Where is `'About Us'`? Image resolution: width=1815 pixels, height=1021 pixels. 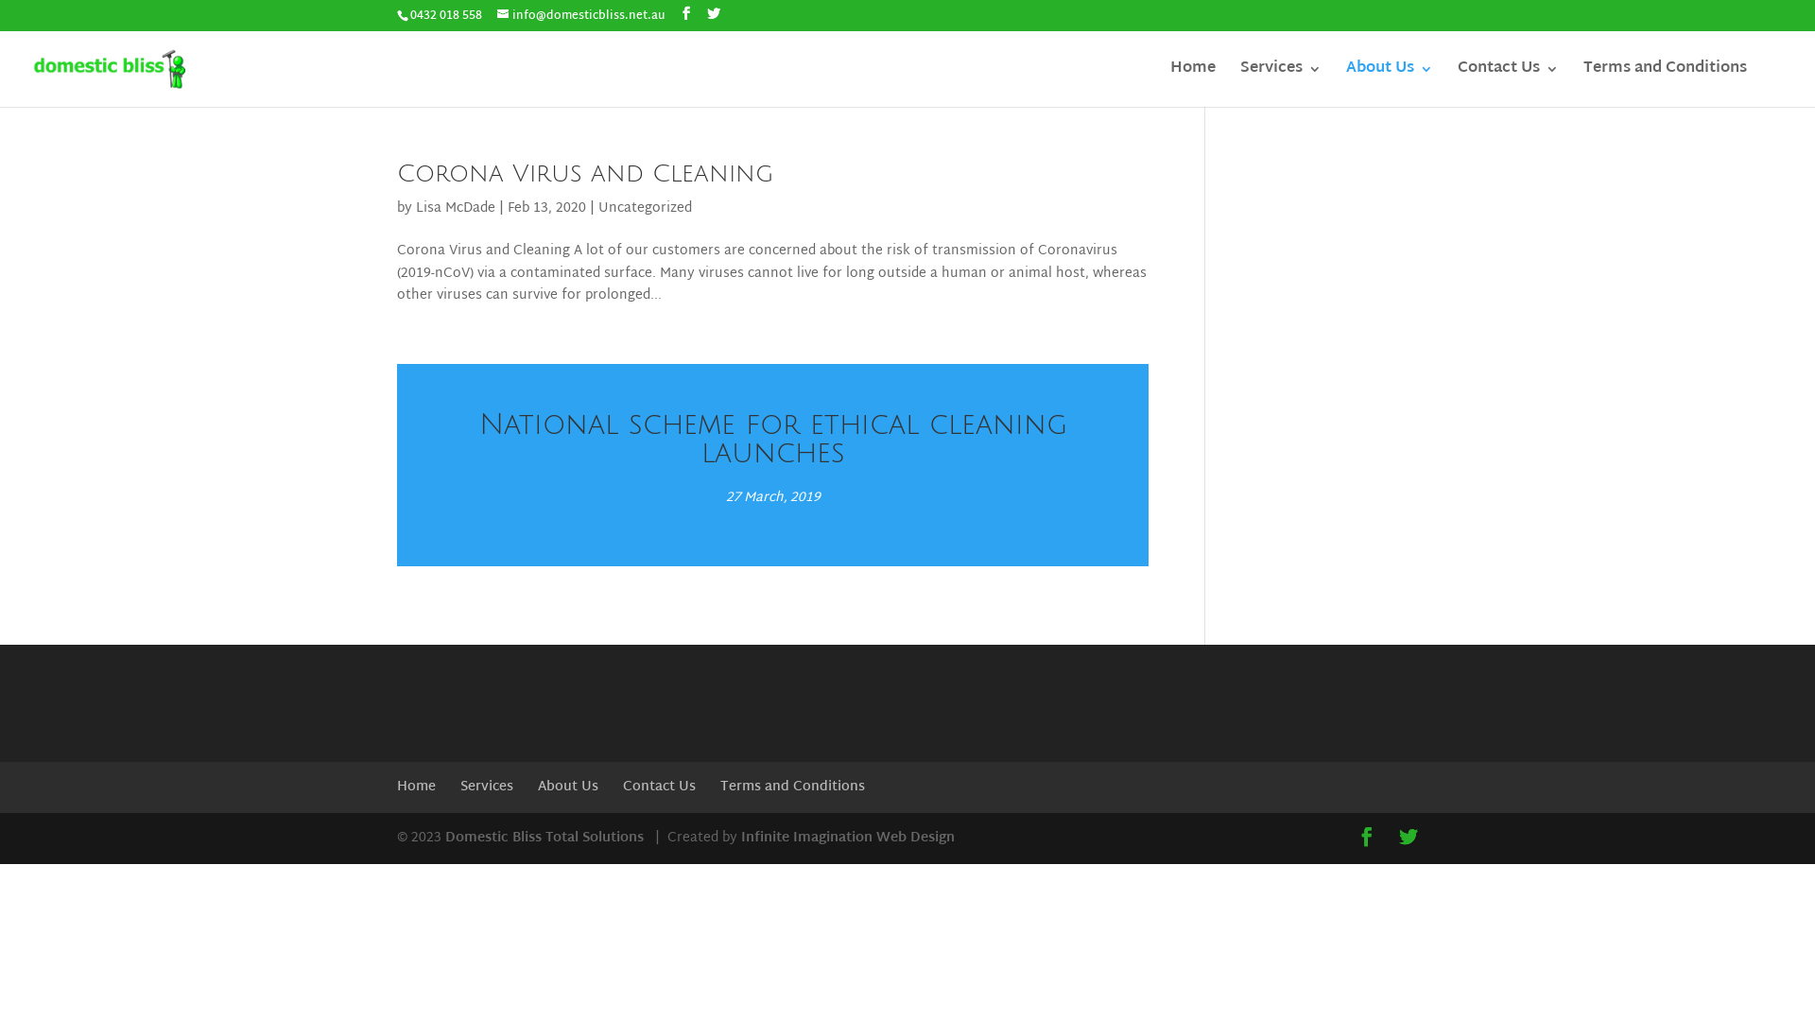
'About Us' is located at coordinates (566, 787).